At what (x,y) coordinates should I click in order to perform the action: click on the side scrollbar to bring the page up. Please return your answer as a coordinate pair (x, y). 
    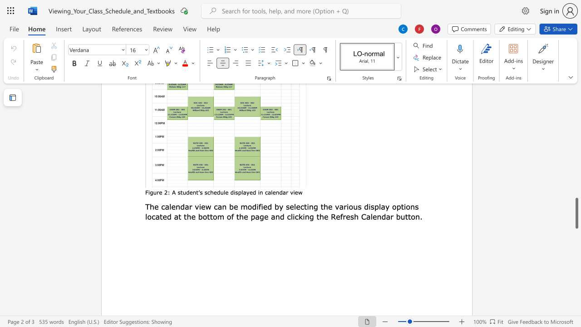
    Looking at the image, I should click on (576, 182).